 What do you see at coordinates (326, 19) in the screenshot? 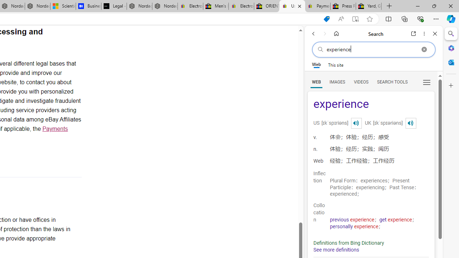
I see `'This site has coupons! Shopping in Microsoft Edge'` at bounding box center [326, 19].